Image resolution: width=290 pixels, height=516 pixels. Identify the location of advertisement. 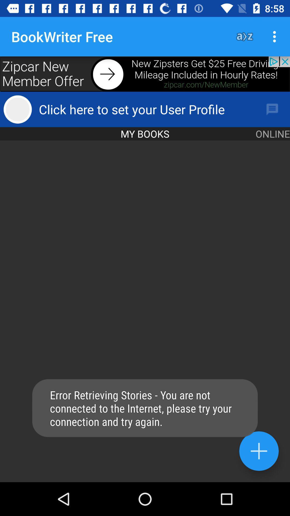
(145, 74).